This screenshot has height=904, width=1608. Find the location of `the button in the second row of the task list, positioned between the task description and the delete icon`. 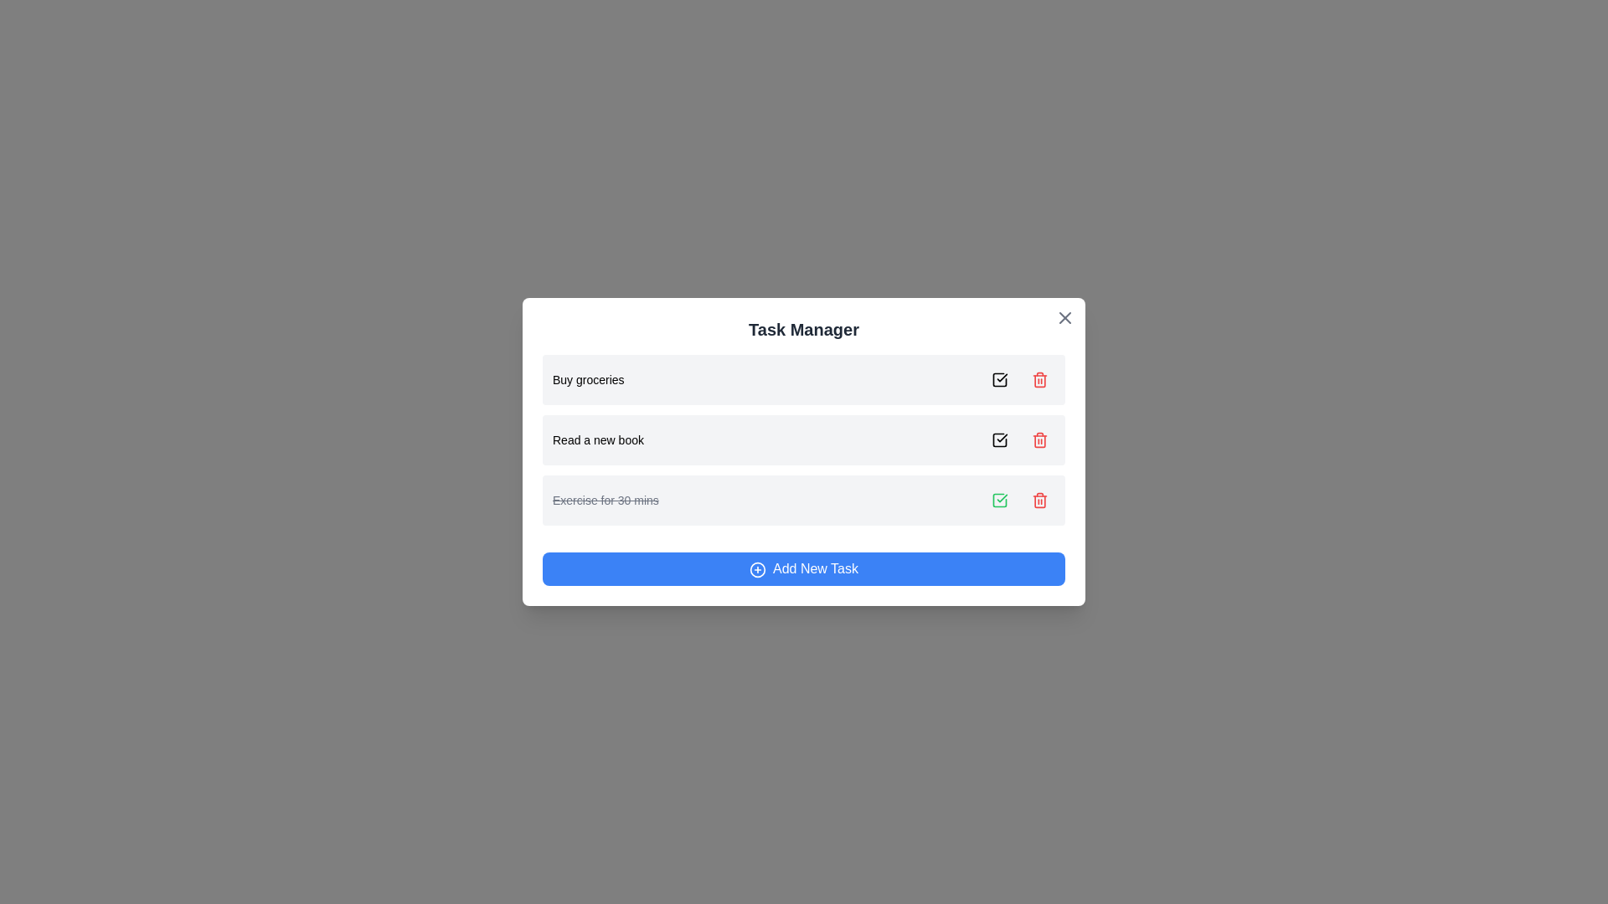

the button in the second row of the task list, positioned between the task description and the delete icon is located at coordinates (1000, 439).